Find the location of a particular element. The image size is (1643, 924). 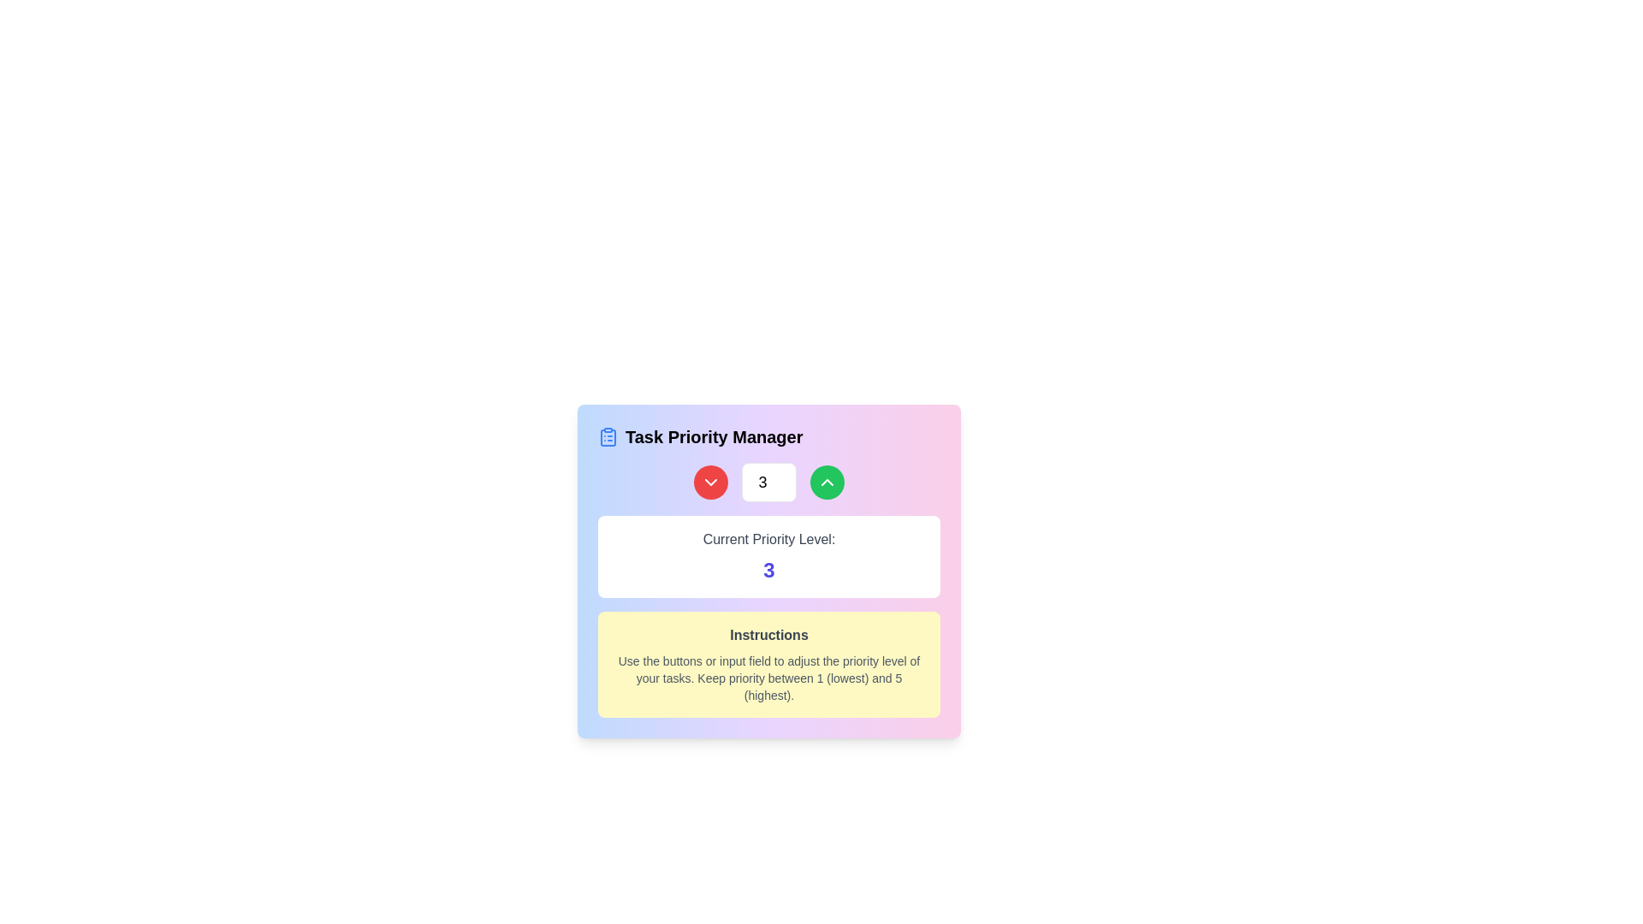

the button located at the rightmost position in a group of three interactive elements, which includes a red circular button to its left and a numeric input field in between, to increase the priority level is located at coordinates (827, 482).